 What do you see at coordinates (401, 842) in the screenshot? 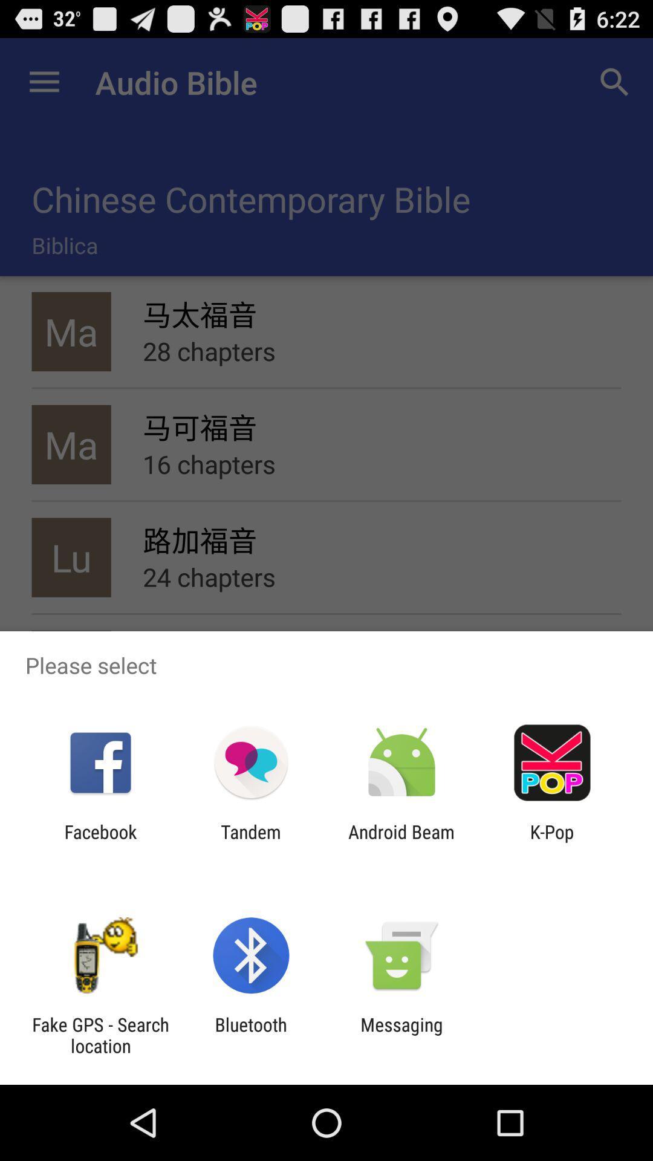
I see `the app to the left of k-pop` at bounding box center [401, 842].